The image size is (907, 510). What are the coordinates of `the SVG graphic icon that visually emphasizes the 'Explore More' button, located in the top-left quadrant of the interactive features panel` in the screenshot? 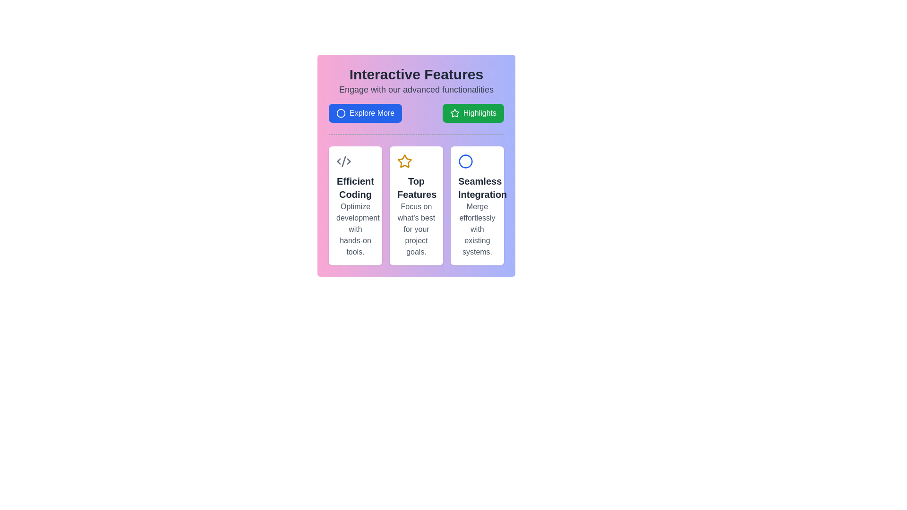 It's located at (340, 112).